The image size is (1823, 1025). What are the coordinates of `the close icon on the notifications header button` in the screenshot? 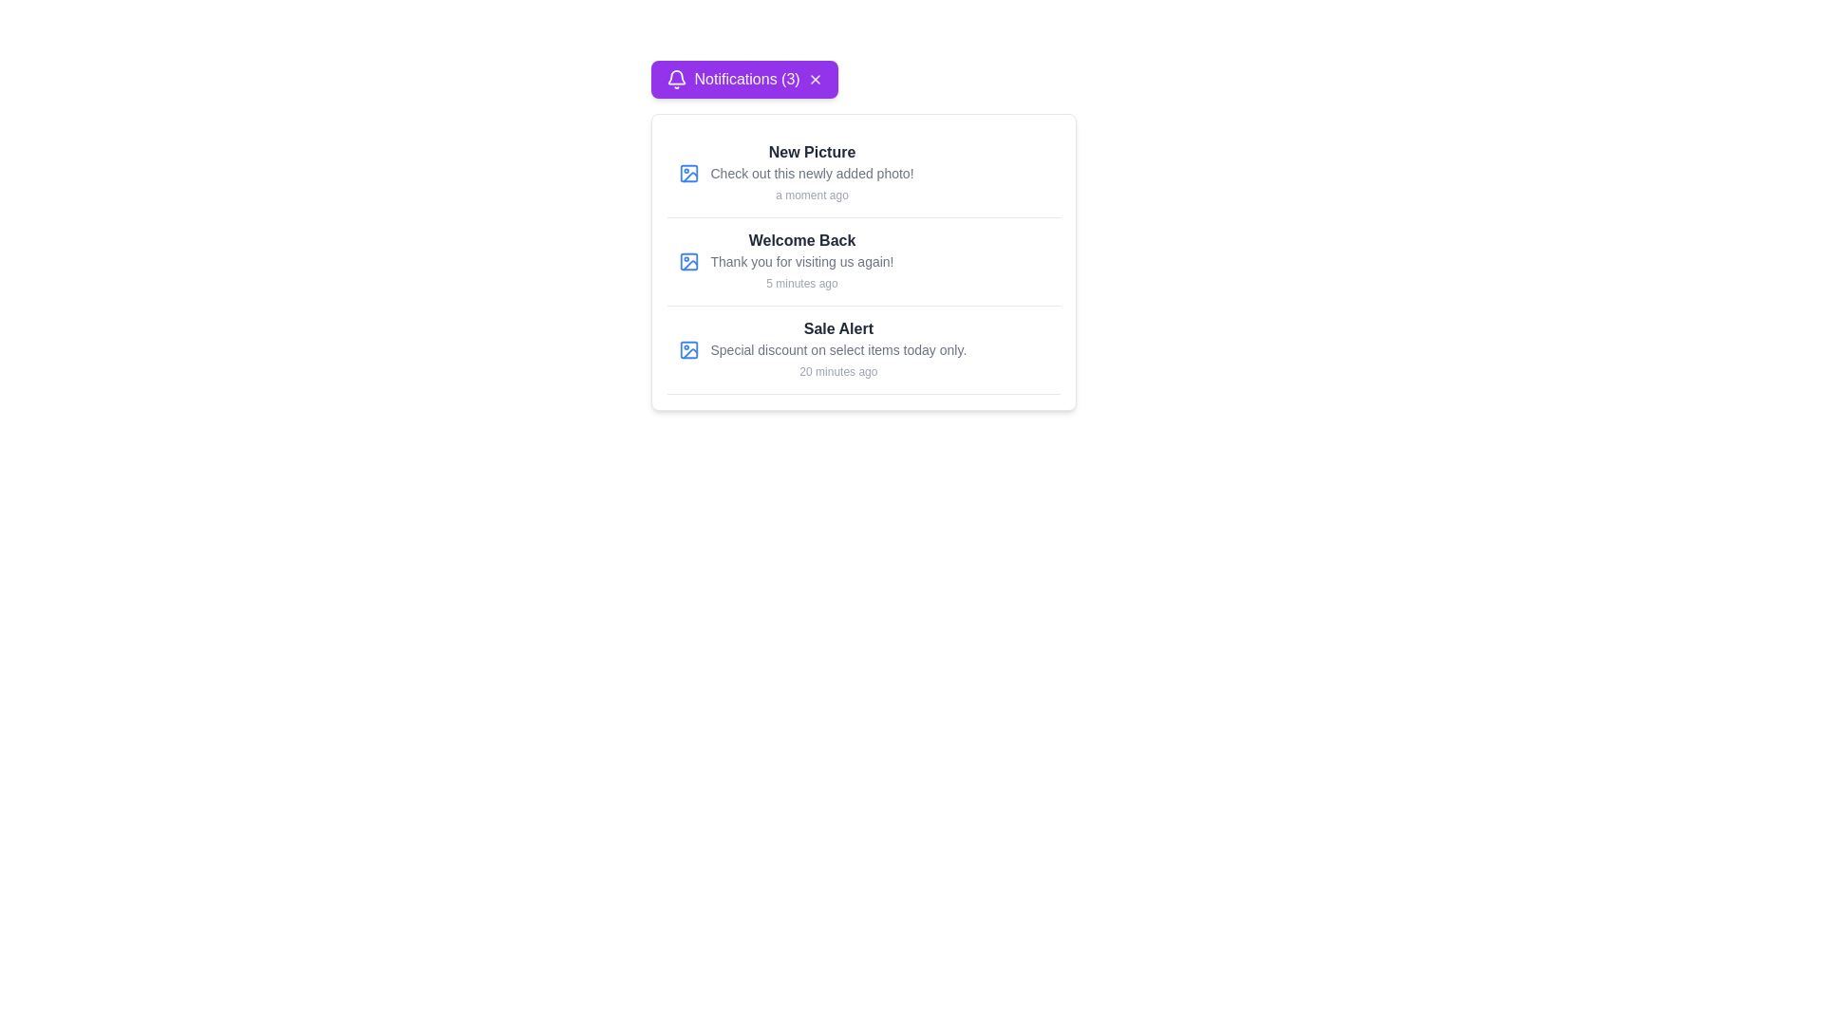 It's located at (742, 79).